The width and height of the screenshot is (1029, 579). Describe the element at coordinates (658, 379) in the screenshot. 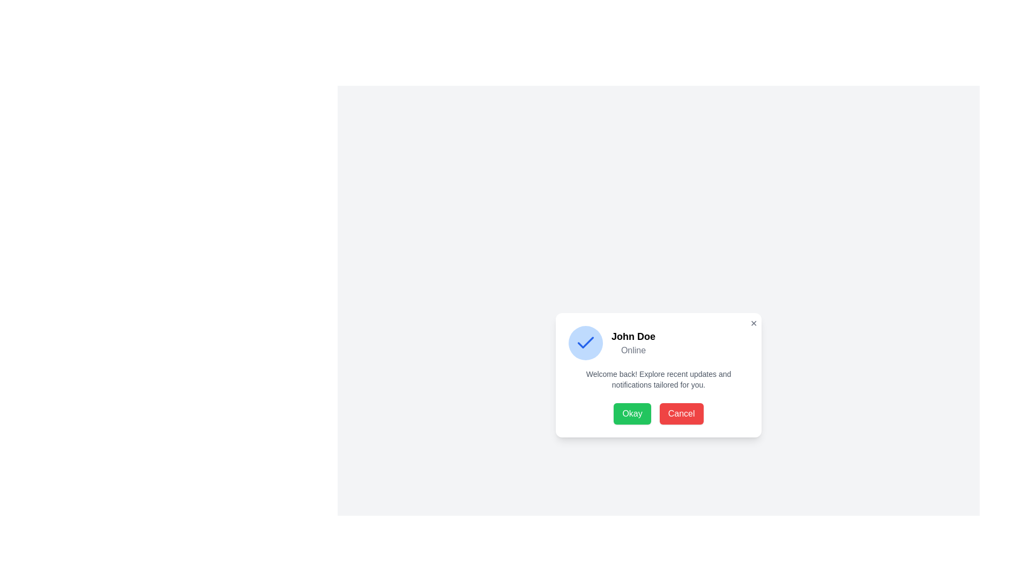

I see `text content located below the user's name and status, centered in the horizontal layout of the card, above the 'Okay' and 'Cancel' buttons` at that location.